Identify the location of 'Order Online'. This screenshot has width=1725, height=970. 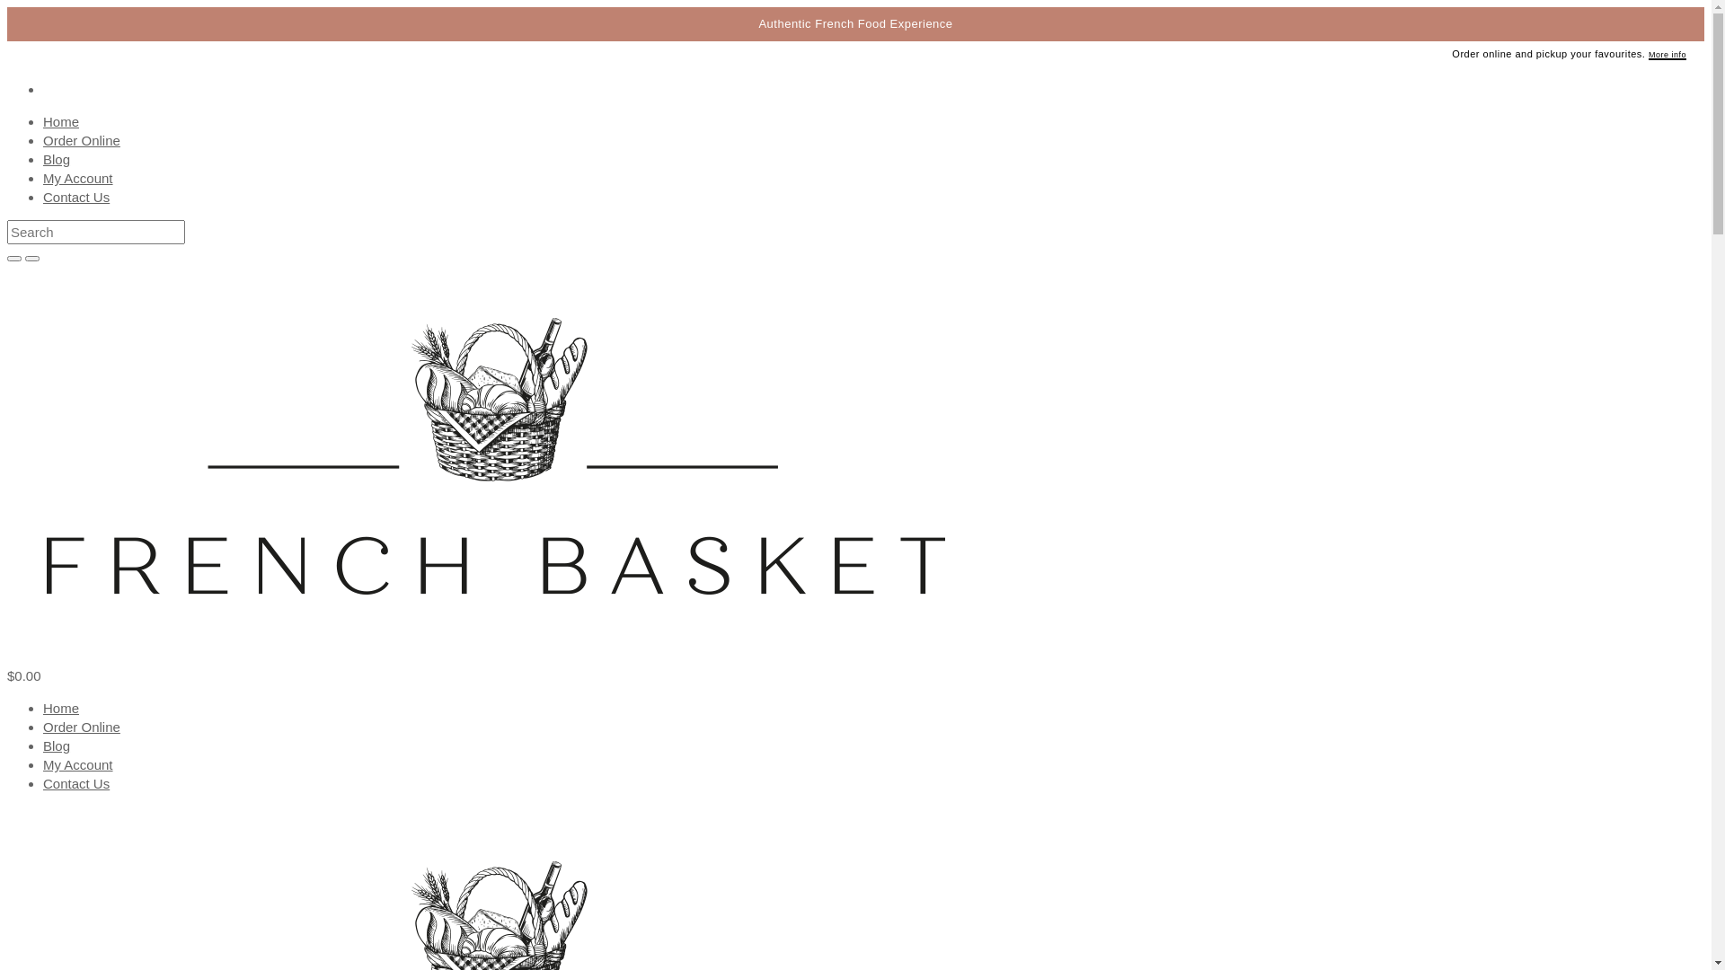
(81, 139).